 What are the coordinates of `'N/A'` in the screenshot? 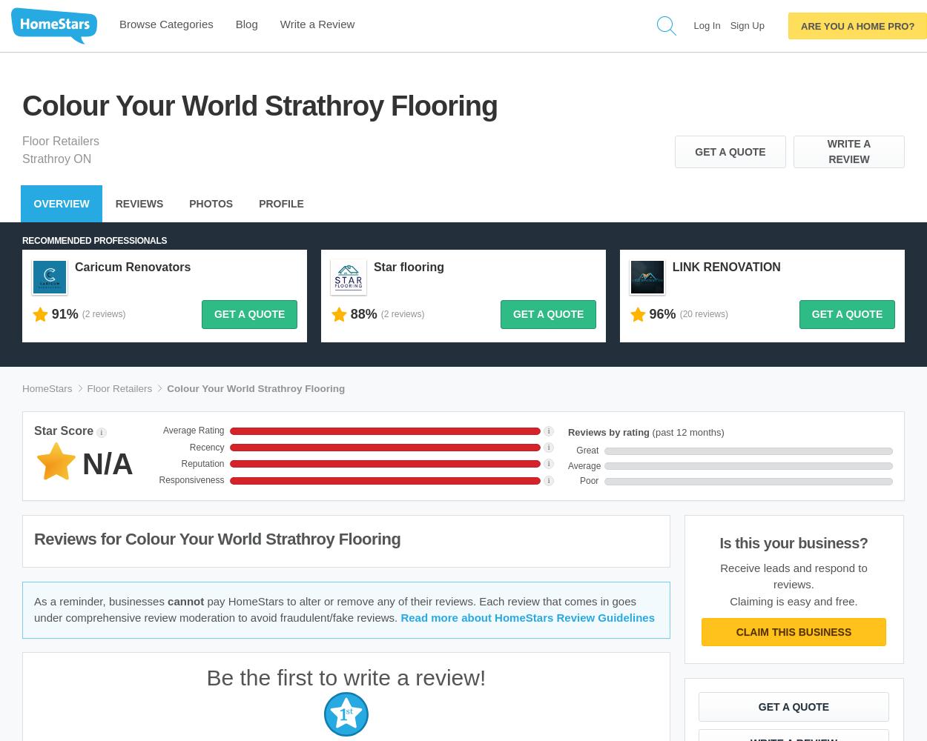 It's located at (108, 464).